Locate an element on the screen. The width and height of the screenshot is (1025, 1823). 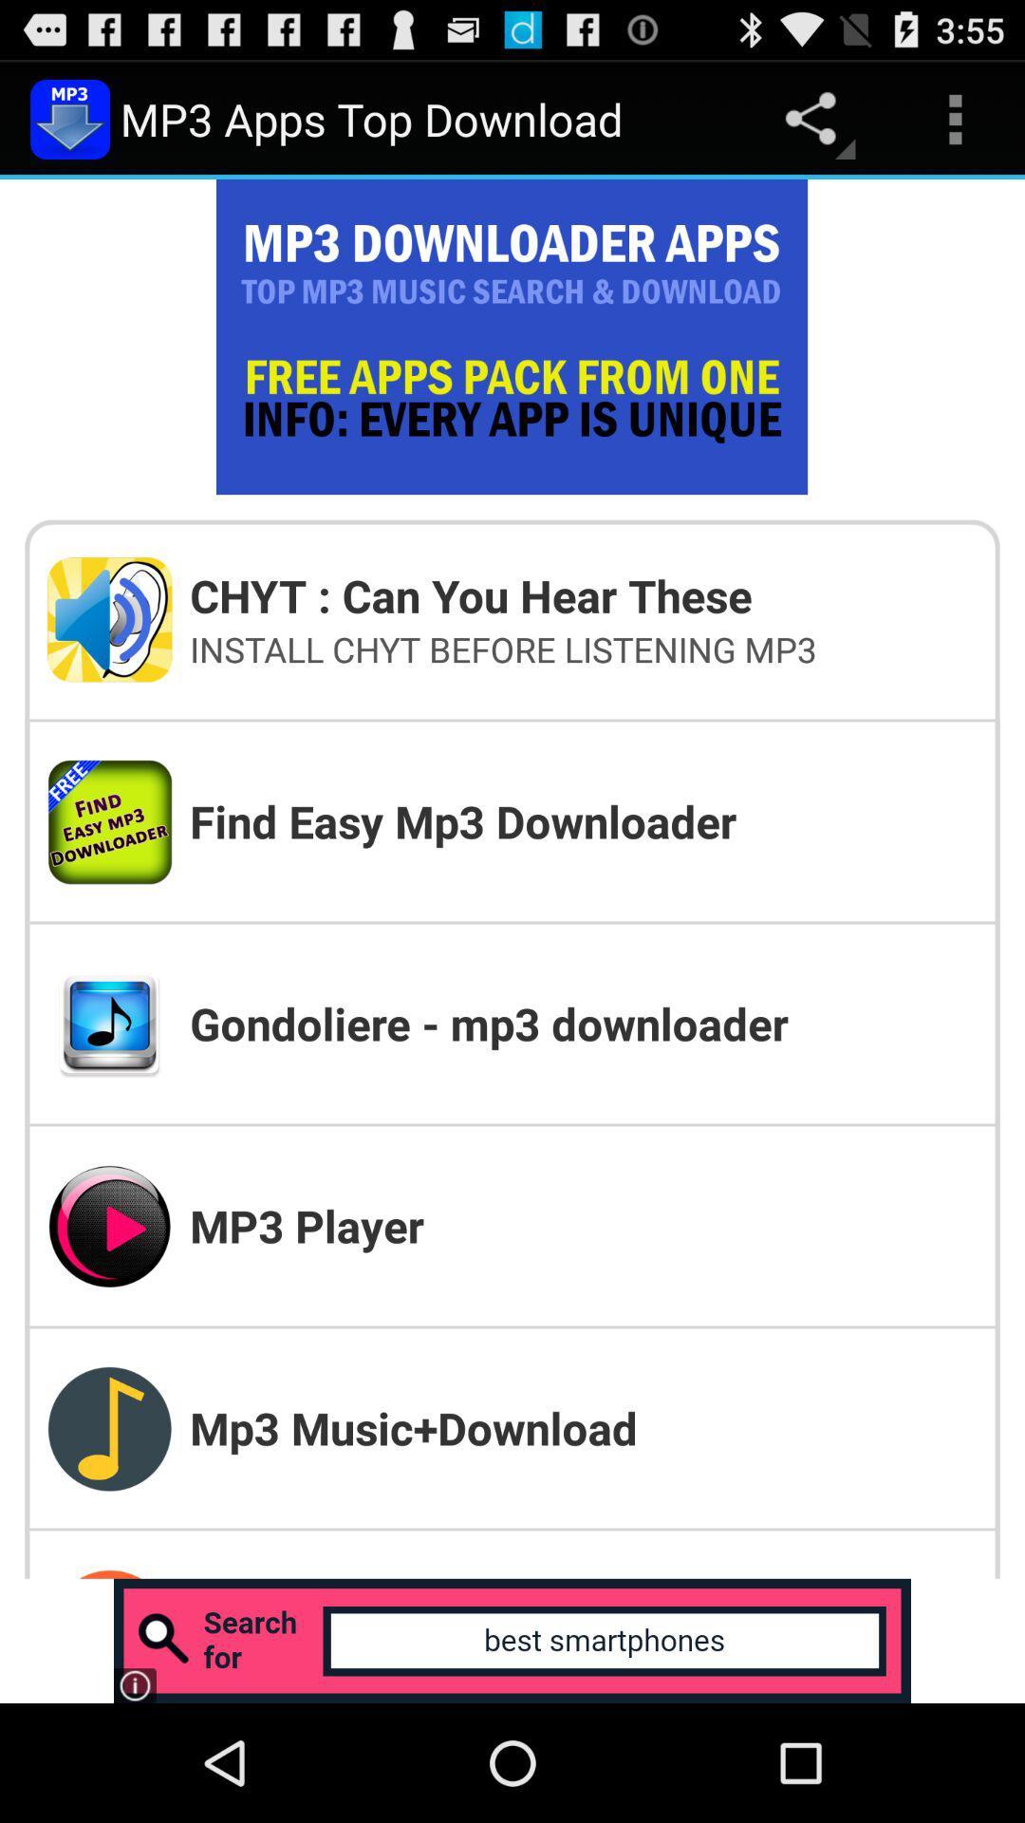
the partner 's website is located at coordinates (512, 1640).